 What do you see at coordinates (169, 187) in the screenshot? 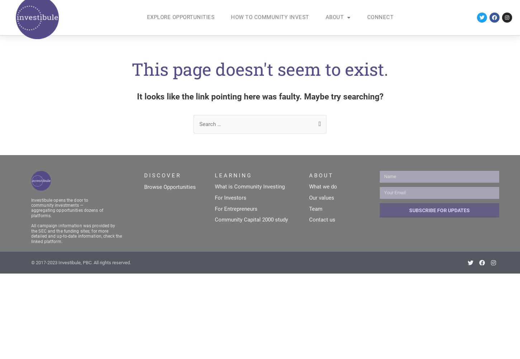
I see `'Browse Opportunities'` at bounding box center [169, 187].